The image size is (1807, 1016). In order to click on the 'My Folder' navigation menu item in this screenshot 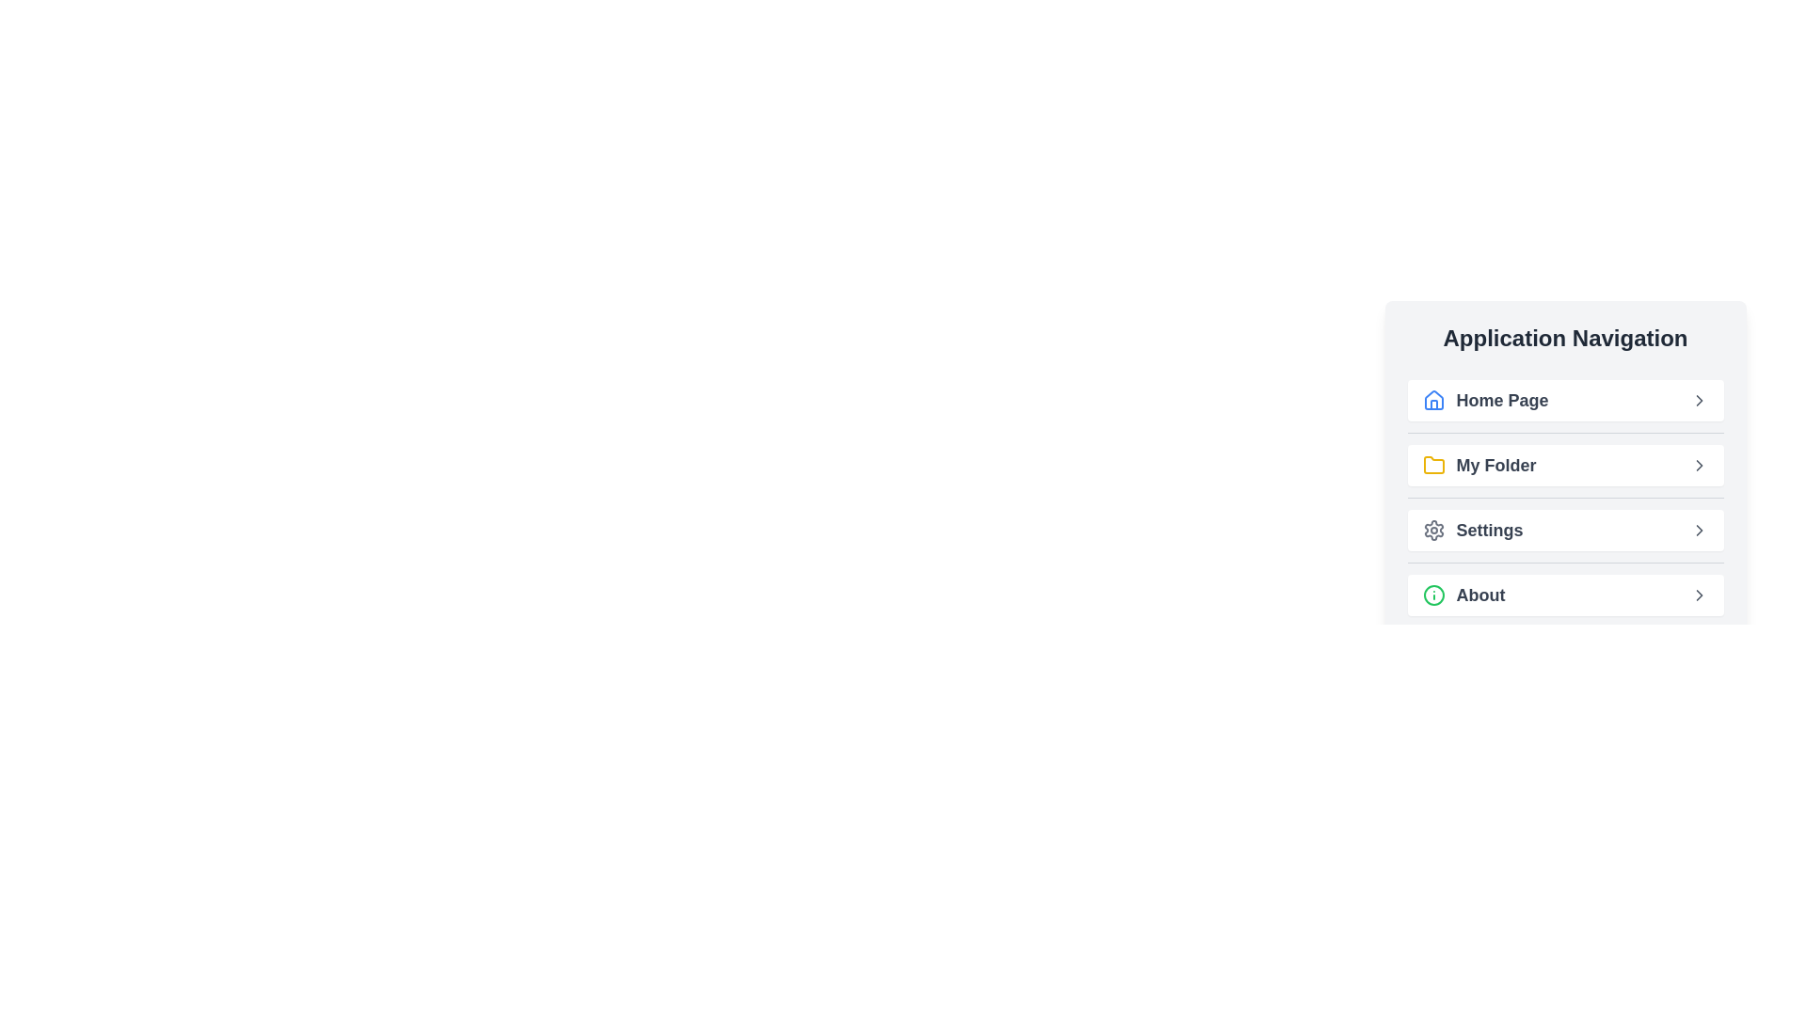, I will do `click(1479, 465)`.